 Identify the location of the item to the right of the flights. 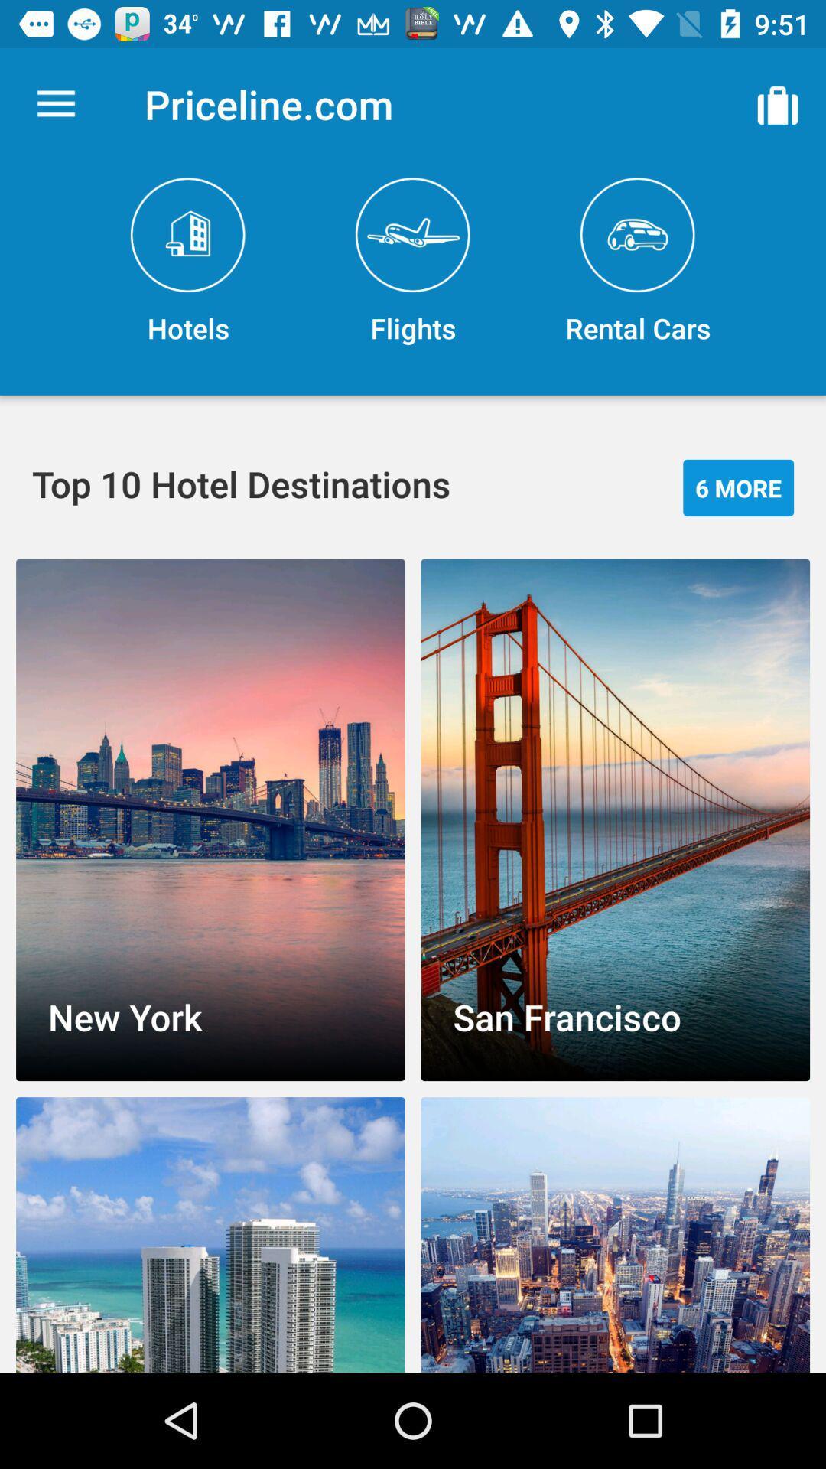
(637, 262).